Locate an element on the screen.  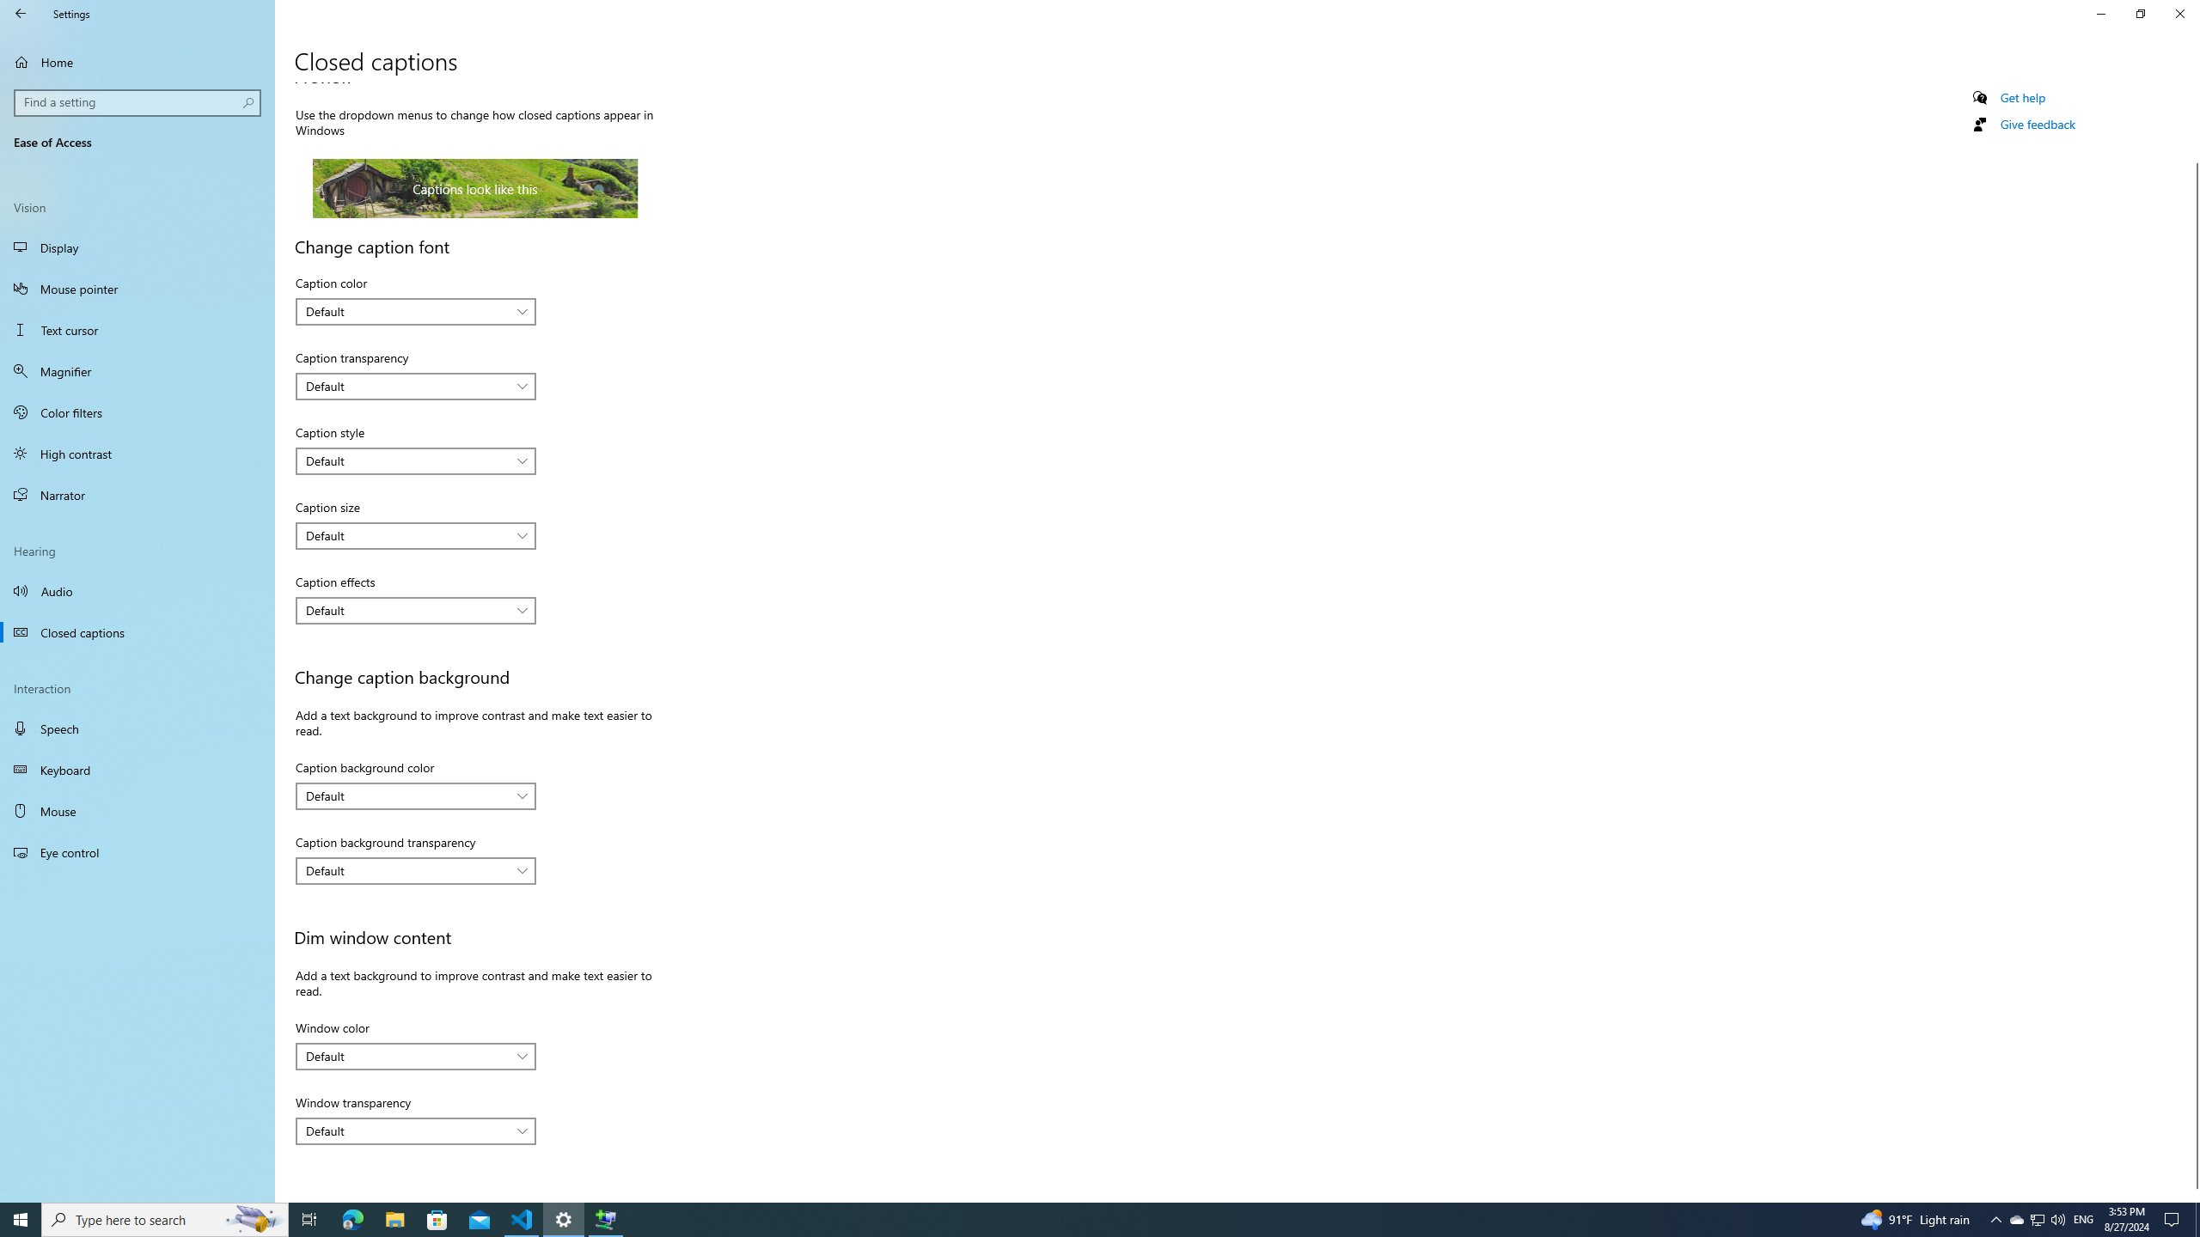
'Caption background transparency' is located at coordinates (414, 869).